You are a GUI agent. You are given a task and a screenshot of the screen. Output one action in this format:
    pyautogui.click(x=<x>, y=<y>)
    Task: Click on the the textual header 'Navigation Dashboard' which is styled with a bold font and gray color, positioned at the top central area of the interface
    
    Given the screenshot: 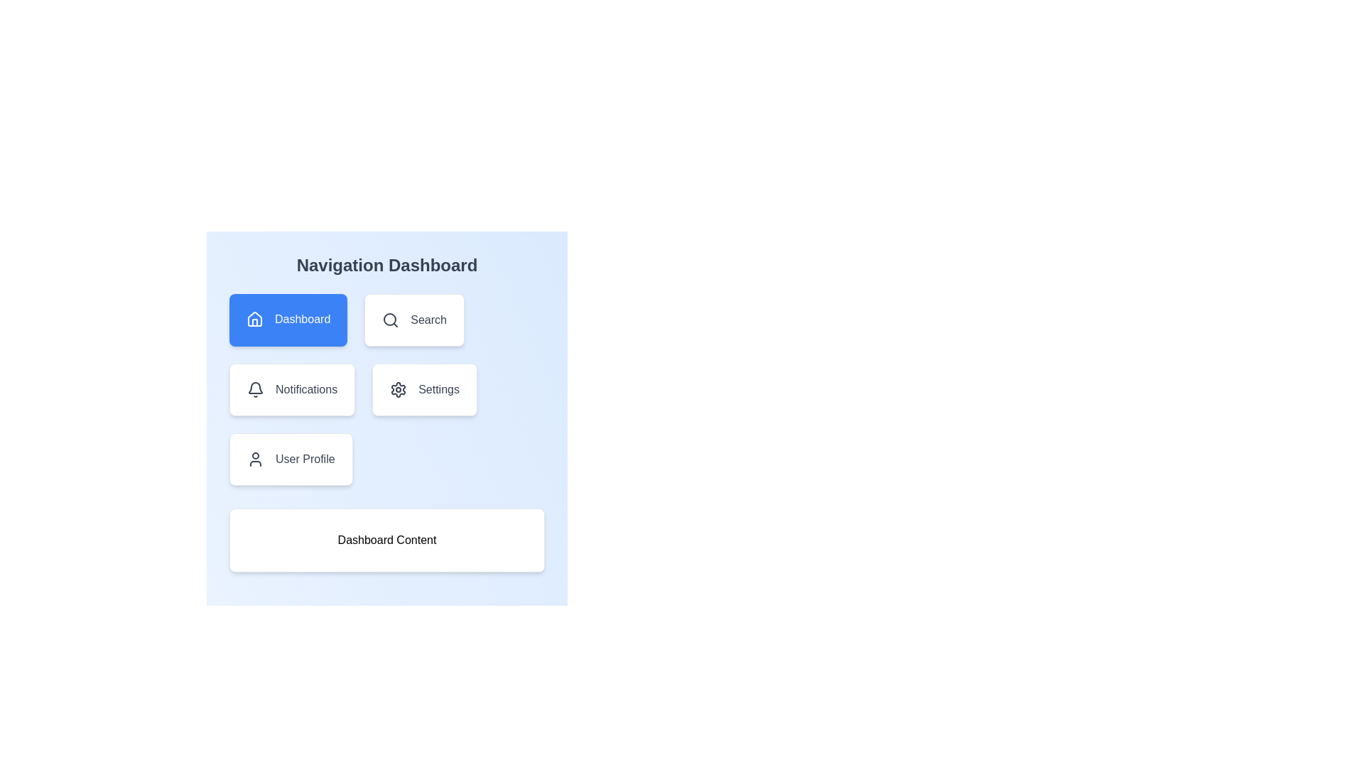 What is the action you would take?
    pyautogui.click(x=387, y=266)
    